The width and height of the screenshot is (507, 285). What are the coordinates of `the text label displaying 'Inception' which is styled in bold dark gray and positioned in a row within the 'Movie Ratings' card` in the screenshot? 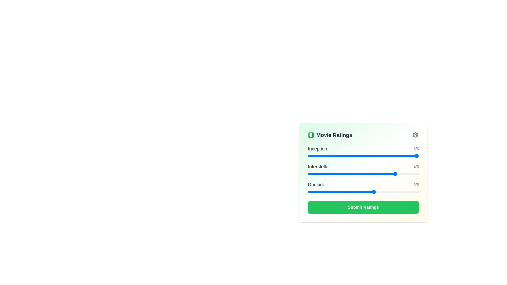 It's located at (317, 149).